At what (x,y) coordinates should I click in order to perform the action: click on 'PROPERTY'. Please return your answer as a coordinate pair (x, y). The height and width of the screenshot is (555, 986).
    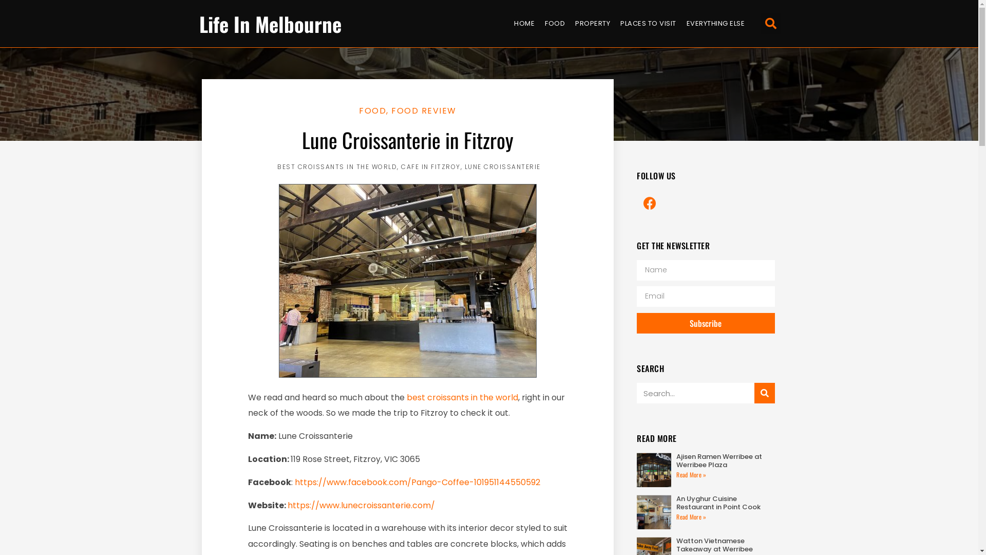
    Looking at the image, I should click on (592, 23).